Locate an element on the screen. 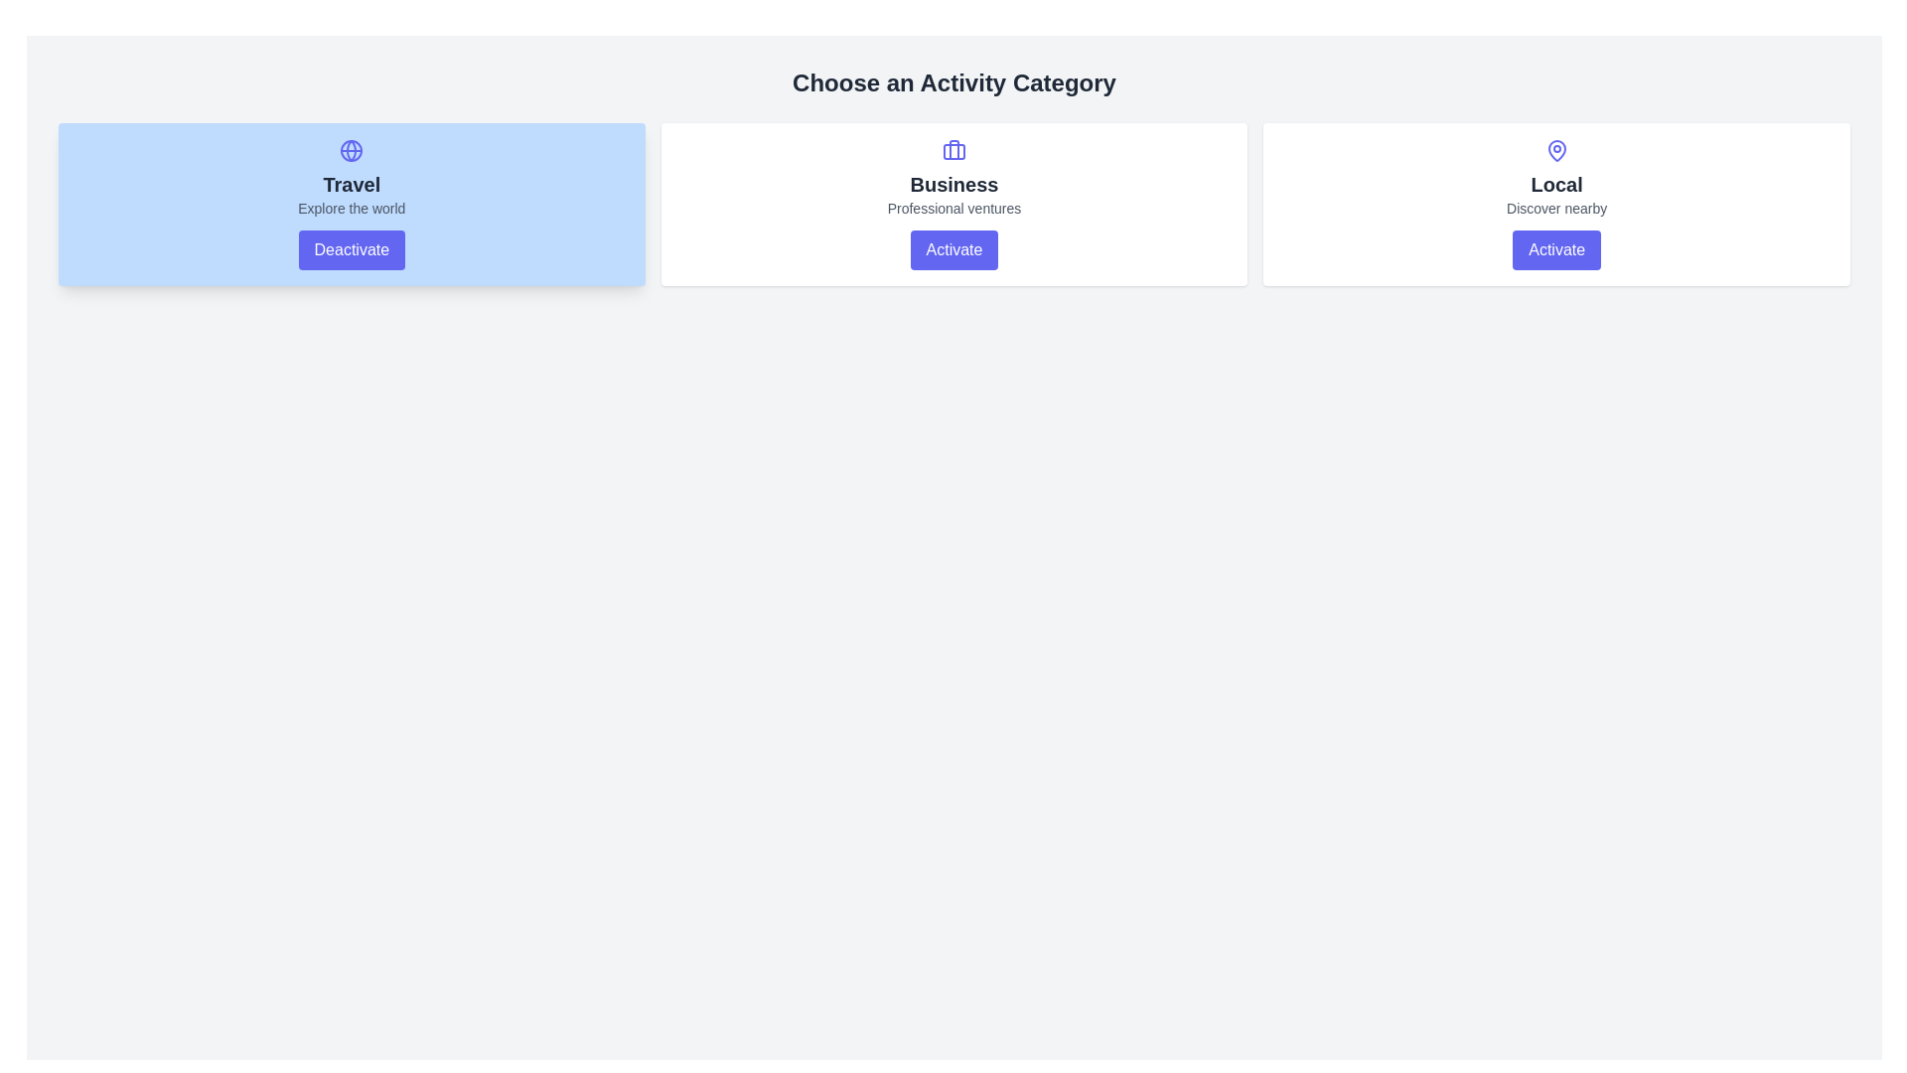 This screenshot has height=1073, width=1907. the text label reading 'Discover nearby' which is styled in small, gray font and positioned under the 'Local' title and above the blue 'Activate' button is located at coordinates (1555, 208).